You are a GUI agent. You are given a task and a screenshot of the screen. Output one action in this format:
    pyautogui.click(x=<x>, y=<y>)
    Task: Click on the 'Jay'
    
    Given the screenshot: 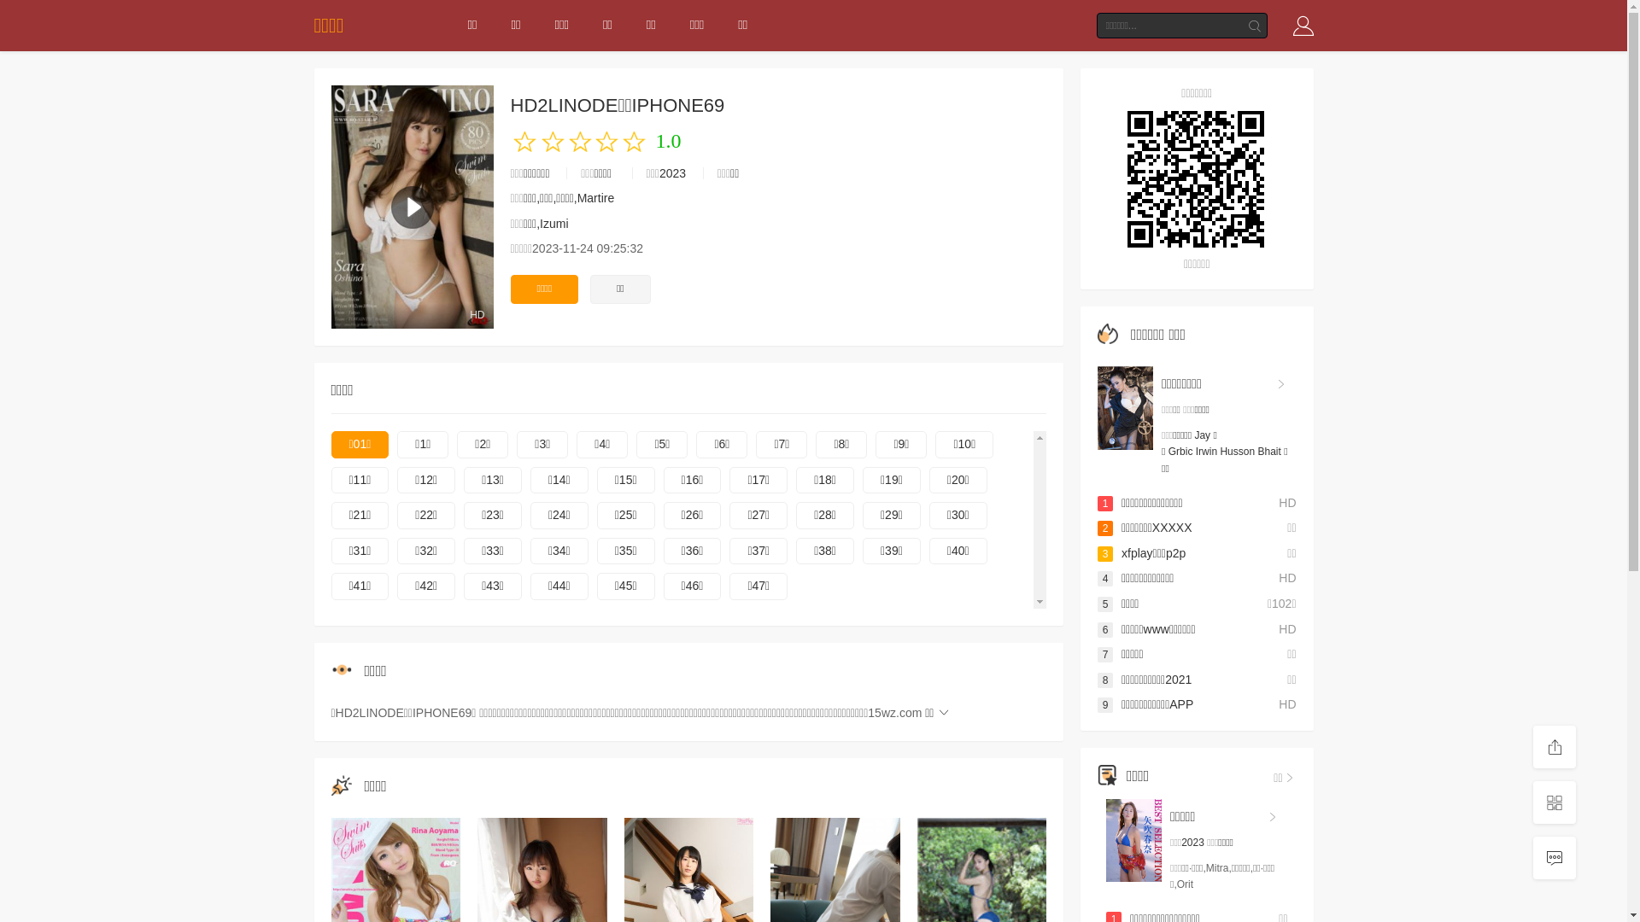 What is the action you would take?
    pyautogui.click(x=1201, y=434)
    